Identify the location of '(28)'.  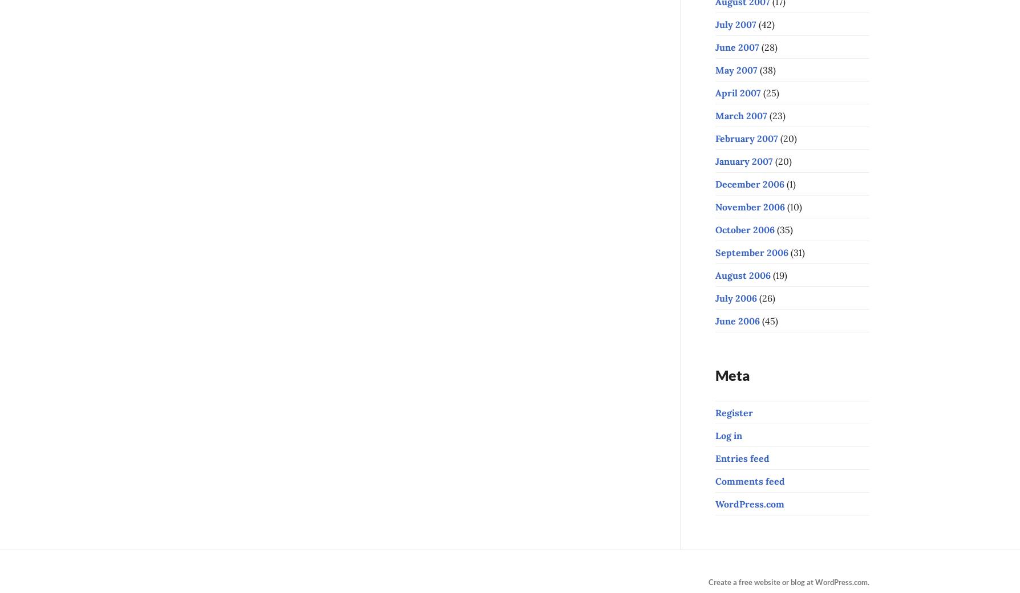
(768, 46).